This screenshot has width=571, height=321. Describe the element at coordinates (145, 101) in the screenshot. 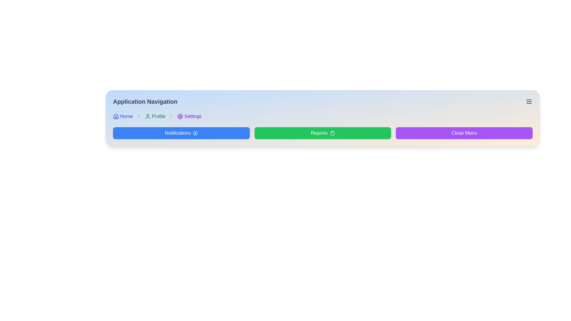

I see `the text label that serves as a header for the navigation section of the application` at that location.